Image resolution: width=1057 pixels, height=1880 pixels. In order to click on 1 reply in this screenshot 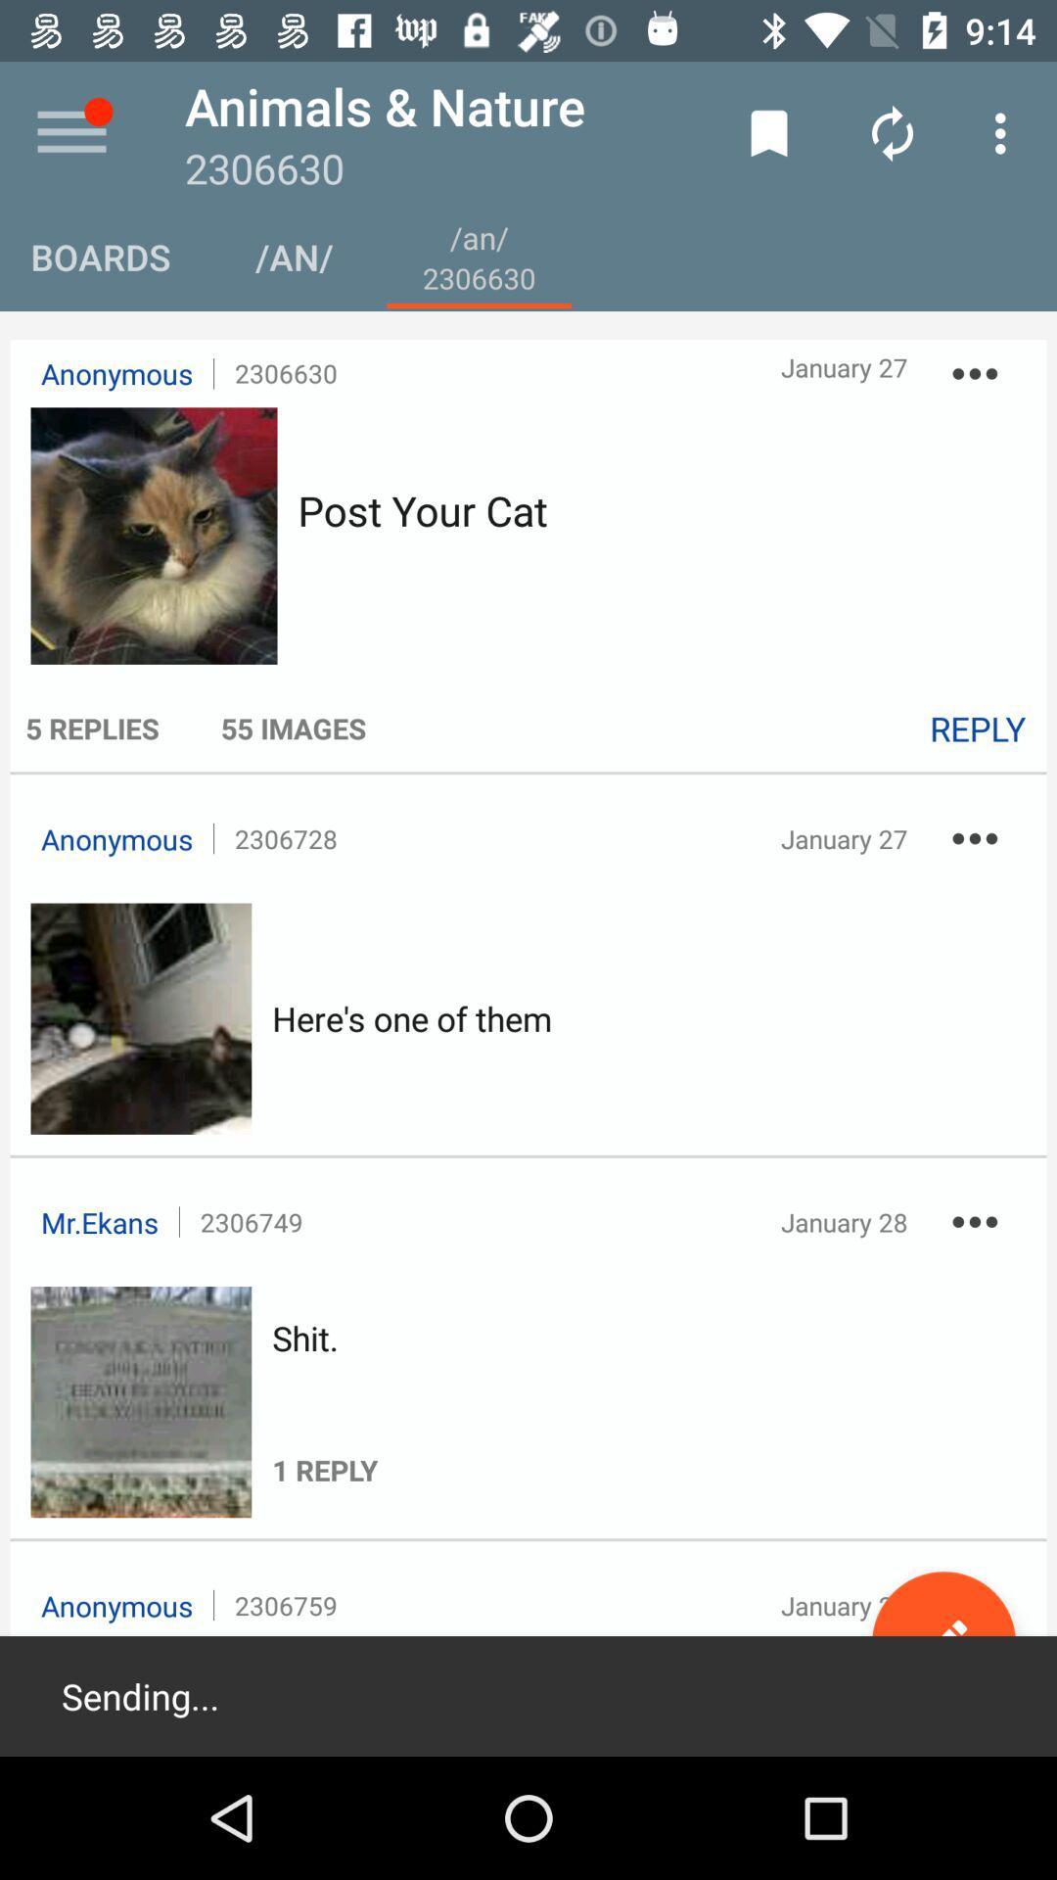, I will do `click(324, 1425)`.